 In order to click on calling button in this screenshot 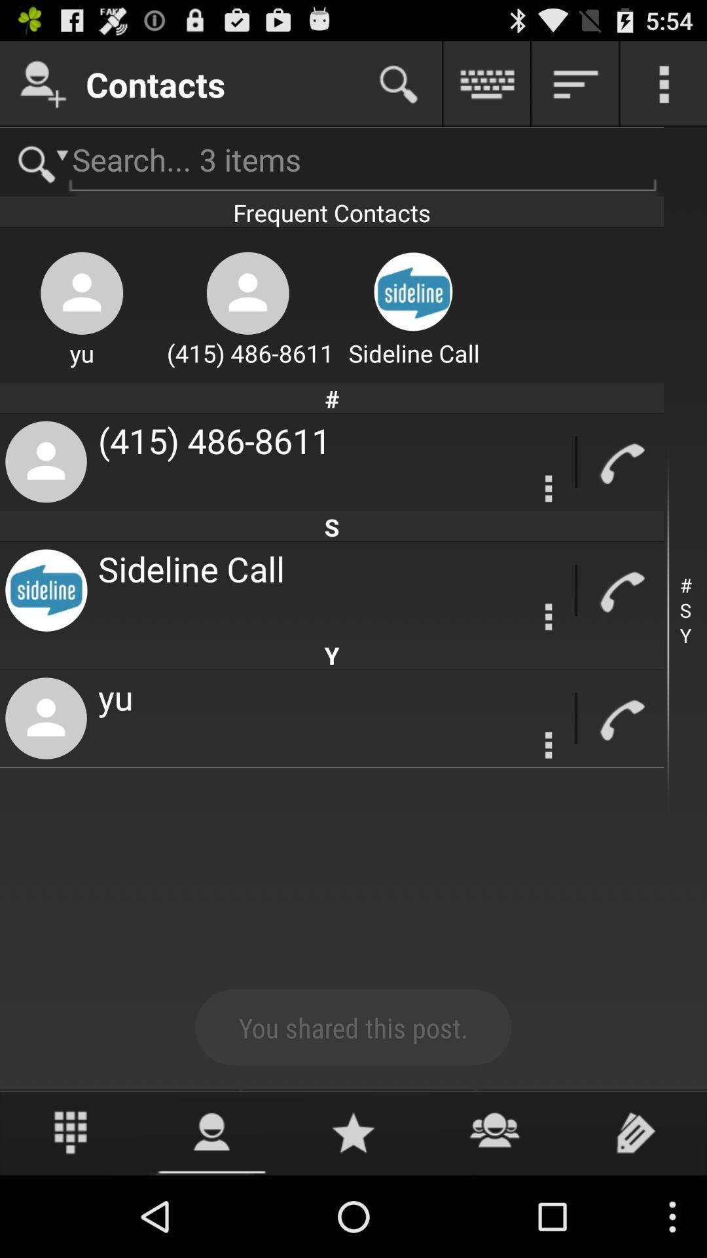, I will do `click(620, 590)`.